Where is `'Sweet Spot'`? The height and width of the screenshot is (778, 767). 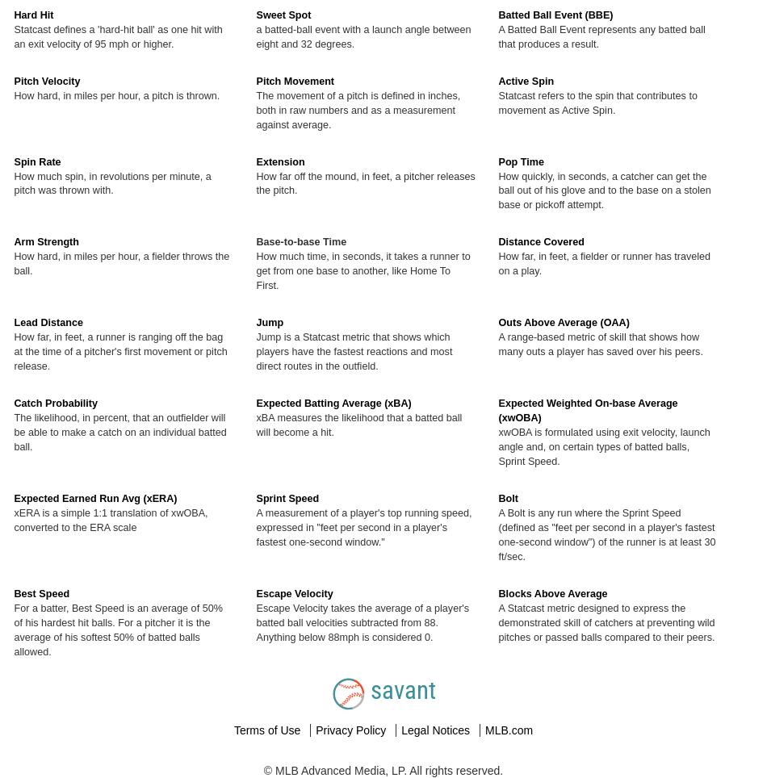 'Sweet Spot' is located at coordinates (283, 14).